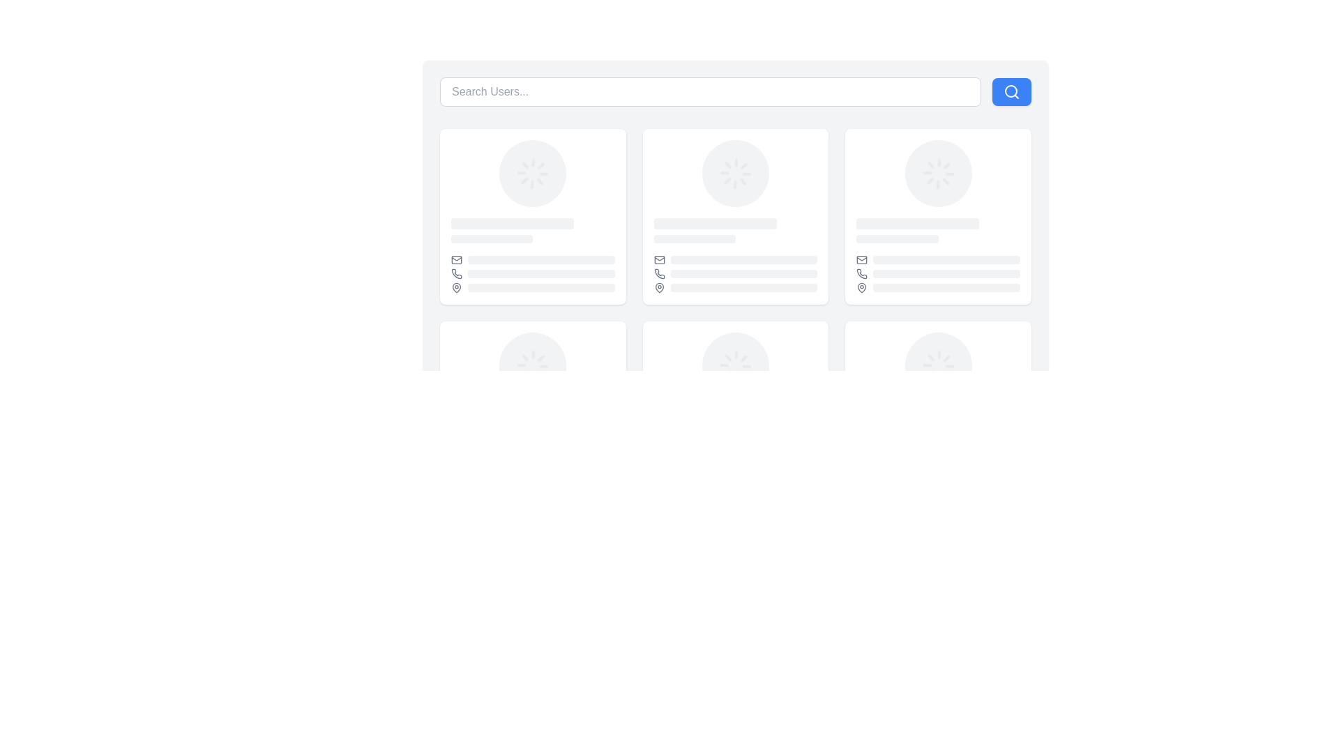  What do you see at coordinates (1011, 91) in the screenshot?
I see `the magnifying glass icon located in the blue rectangular button` at bounding box center [1011, 91].